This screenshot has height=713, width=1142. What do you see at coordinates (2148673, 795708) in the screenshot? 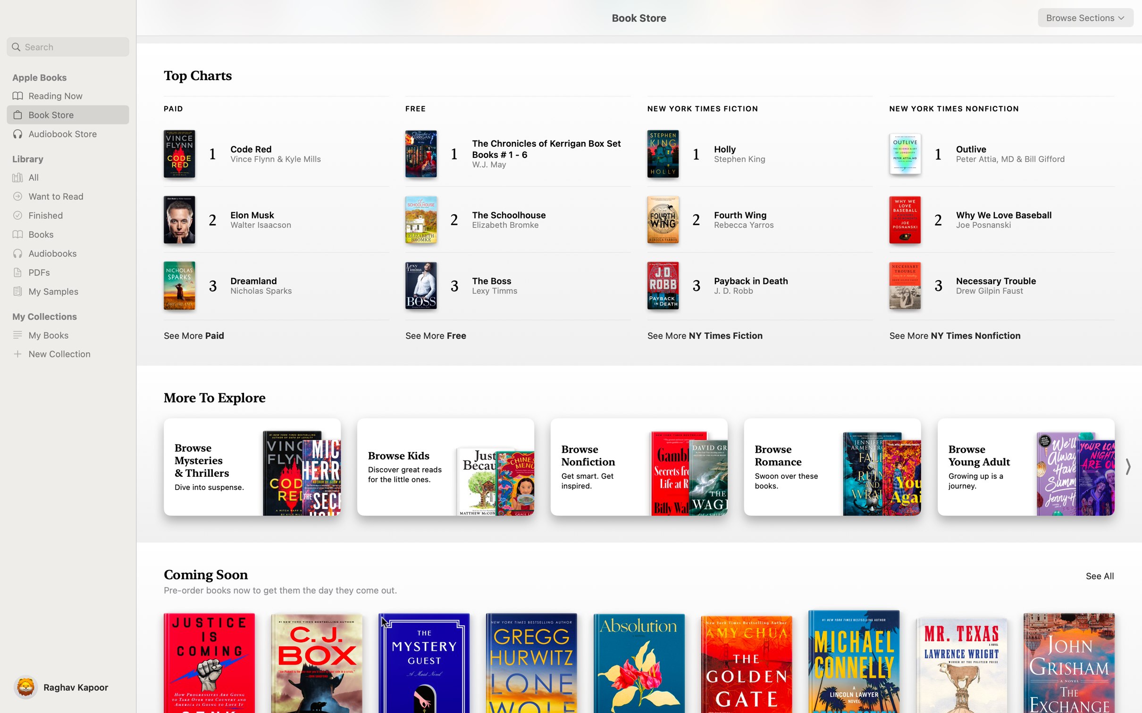
I see `Move down to see all finalized titles` at bounding box center [2148673, 795708].